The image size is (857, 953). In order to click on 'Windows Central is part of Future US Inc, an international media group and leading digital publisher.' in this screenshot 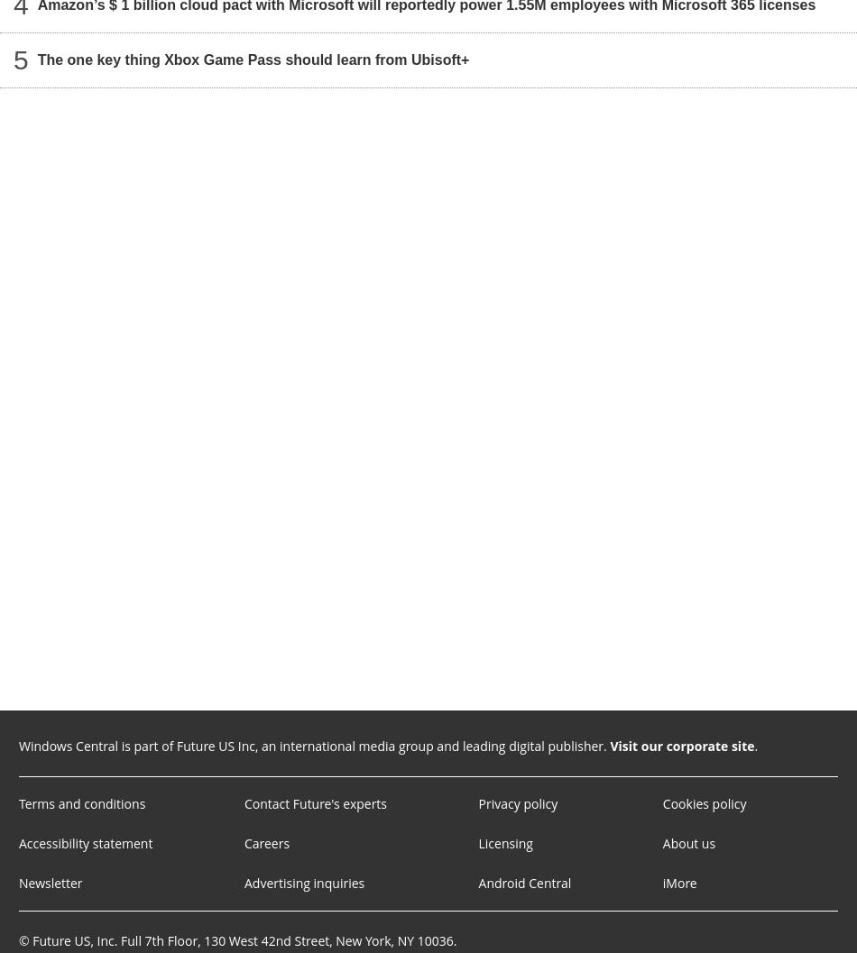, I will do `click(18, 746)`.